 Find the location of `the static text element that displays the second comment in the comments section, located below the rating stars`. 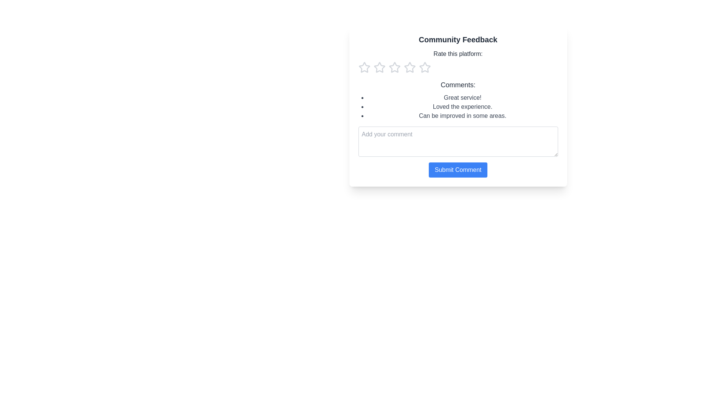

the static text element that displays the second comment in the comments section, located below the rating stars is located at coordinates (462, 107).